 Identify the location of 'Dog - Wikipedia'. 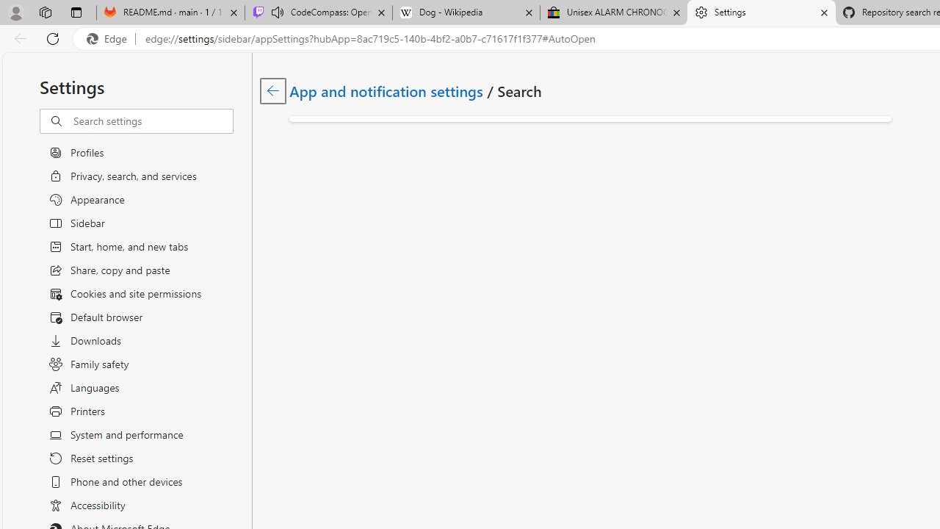
(465, 12).